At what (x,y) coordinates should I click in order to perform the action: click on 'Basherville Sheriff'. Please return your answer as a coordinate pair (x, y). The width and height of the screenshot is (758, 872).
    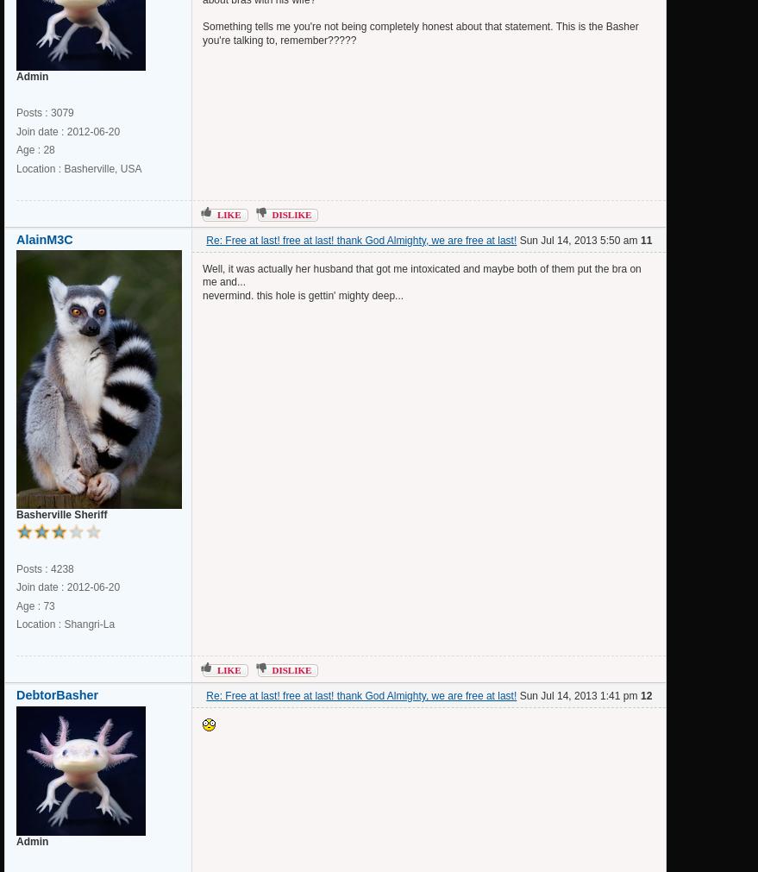
    Looking at the image, I should click on (61, 514).